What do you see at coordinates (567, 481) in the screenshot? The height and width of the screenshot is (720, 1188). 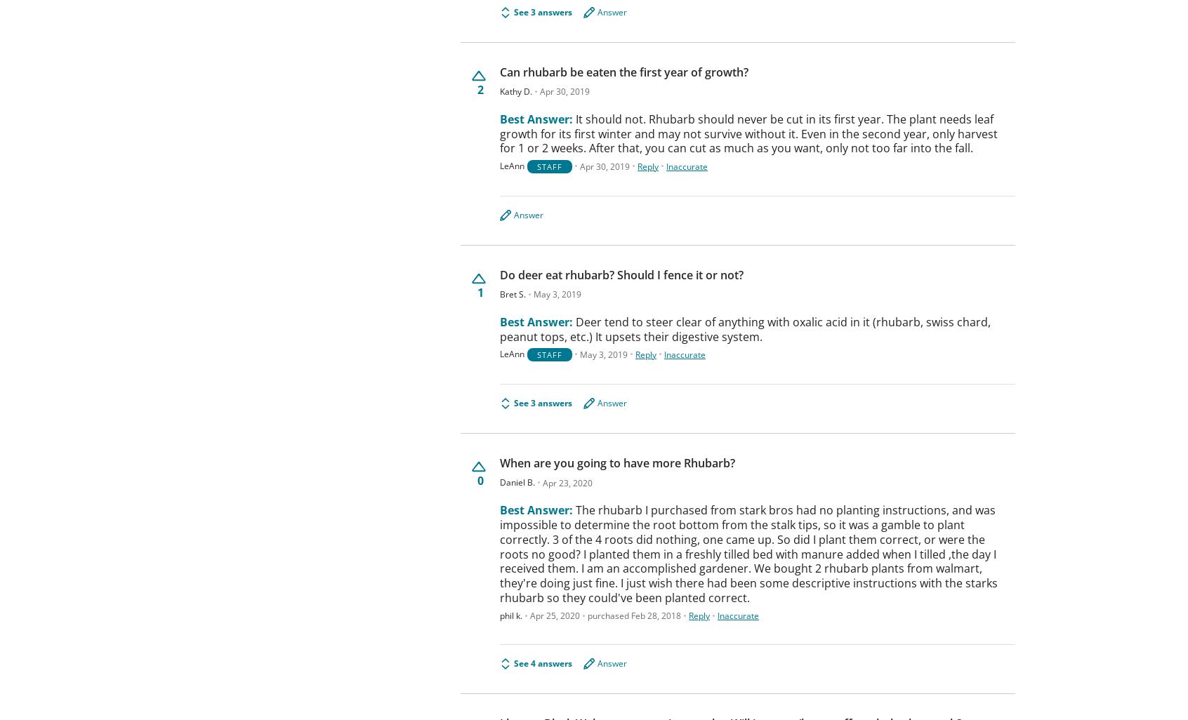 I see `'Apr 23, 2020'` at bounding box center [567, 481].